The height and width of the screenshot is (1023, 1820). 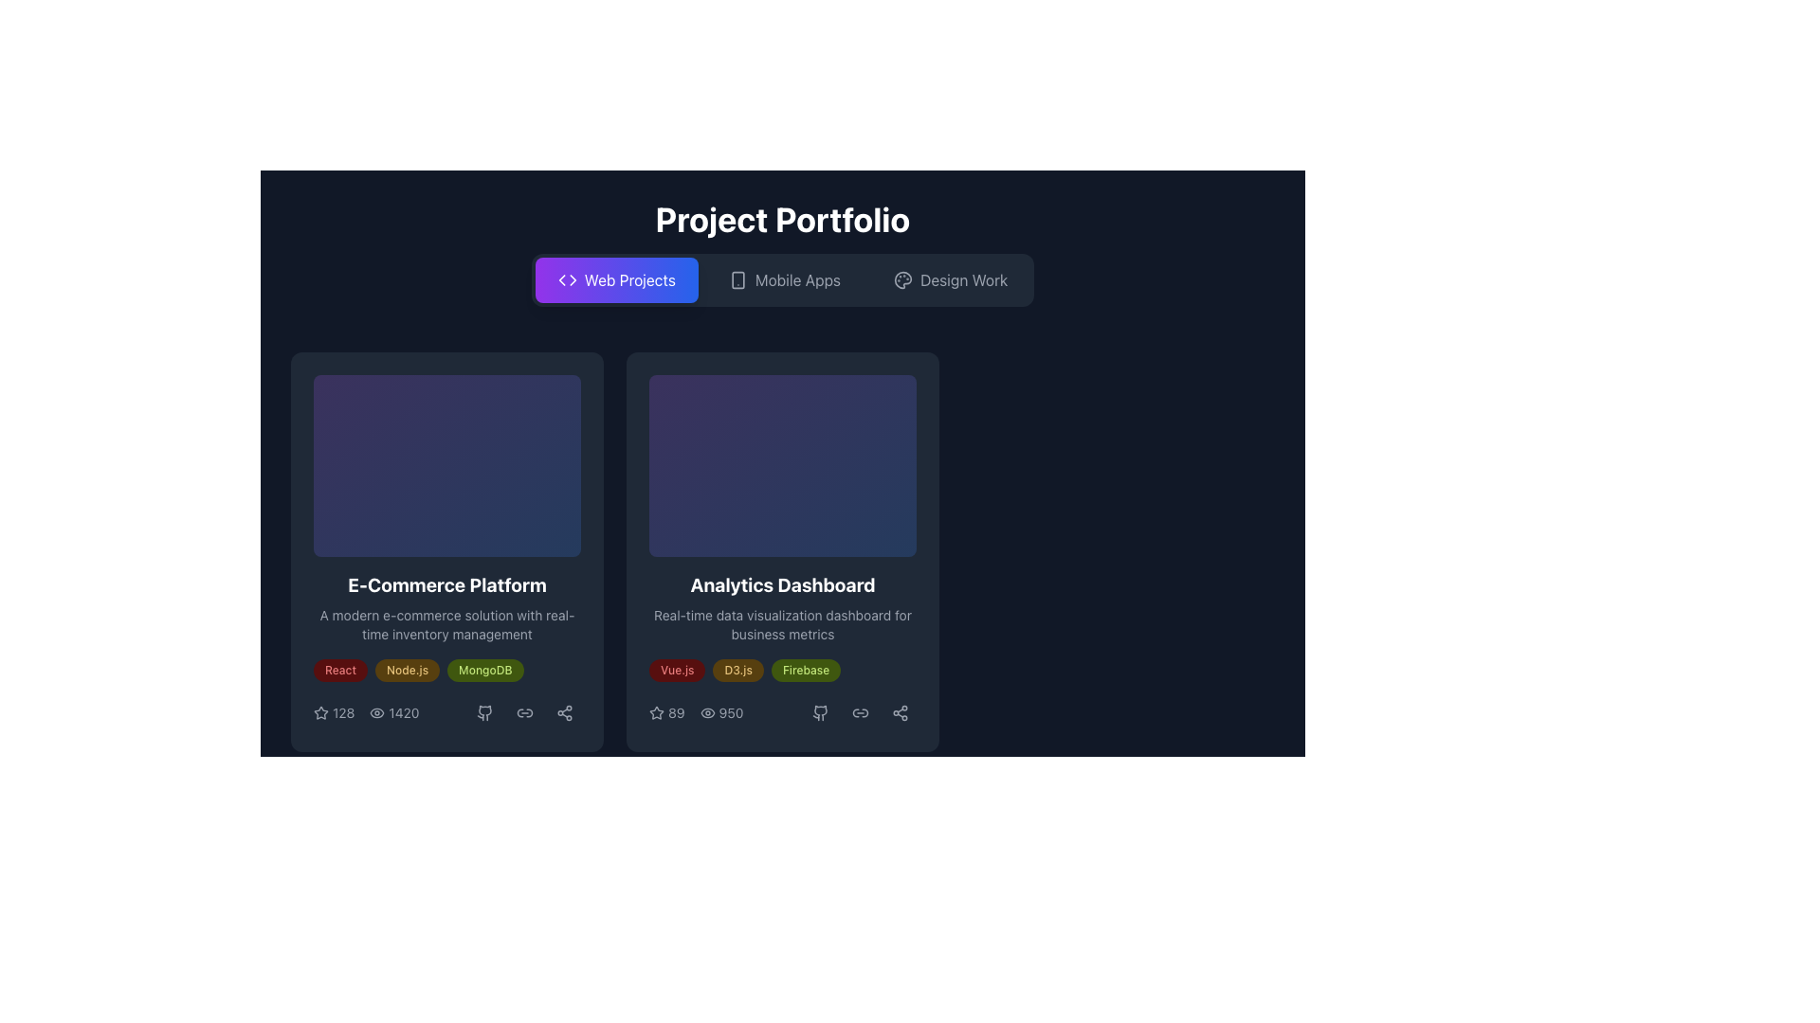 What do you see at coordinates (446, 670) in the screenshot?
I see `the Informational Badge Group containing the technology badges for 'React', 'Node.js', and 'MongoDB' for more details if they are interactive` at bounding box center [446, 670].